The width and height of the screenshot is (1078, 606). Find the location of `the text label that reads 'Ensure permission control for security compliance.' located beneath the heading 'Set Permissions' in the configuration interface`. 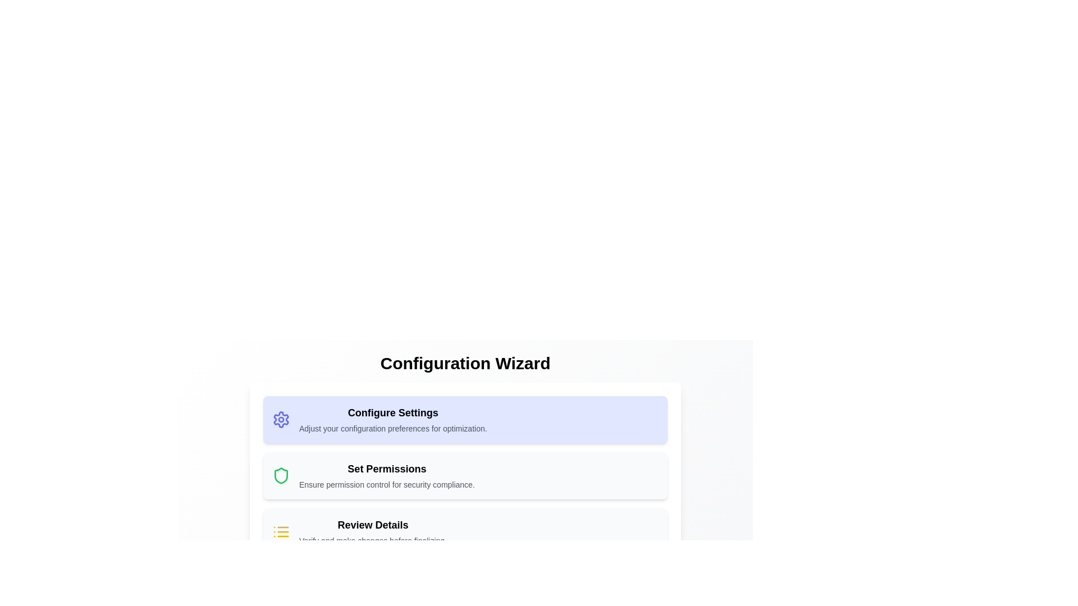

the text label that reads 'Ensure permission control for security compliance.' located beneath the heading 'Set Permissions' in the configuration interface is located at coordinates (387, 484).